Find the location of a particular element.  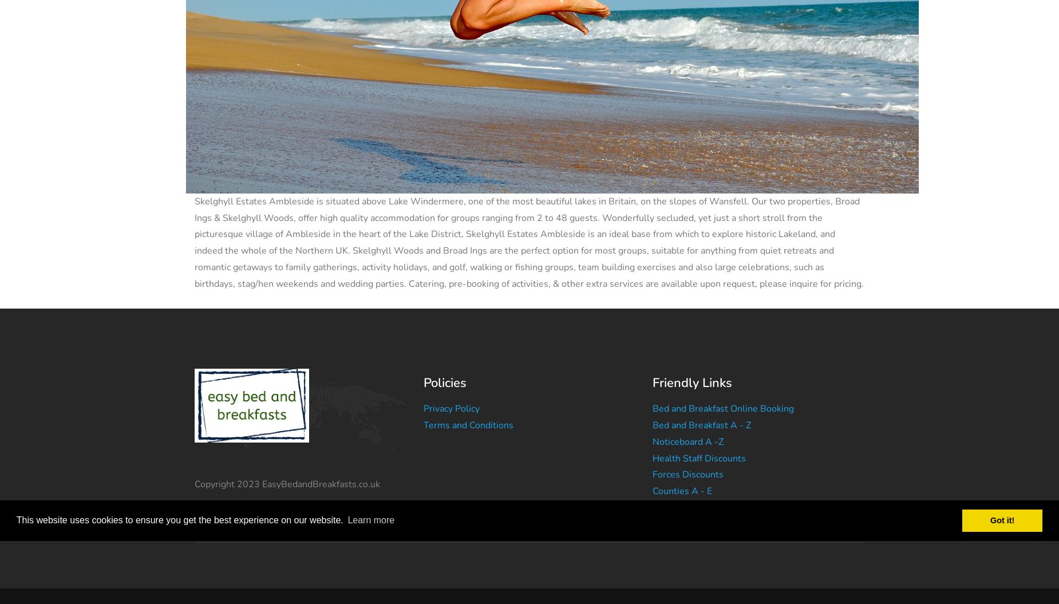

'Bed and Breakfast A - Z' is located at coordinates (701, 424).